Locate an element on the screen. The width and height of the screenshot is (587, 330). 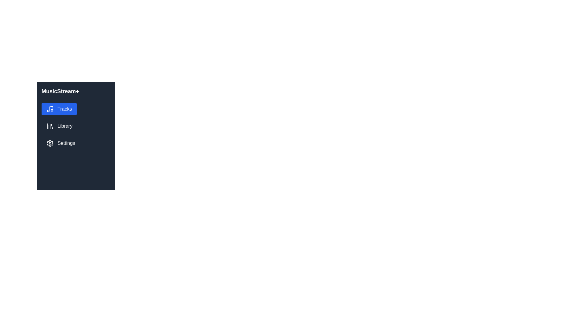
the 'Library' text label in the navigation menu is located at coordinates (65, 126).